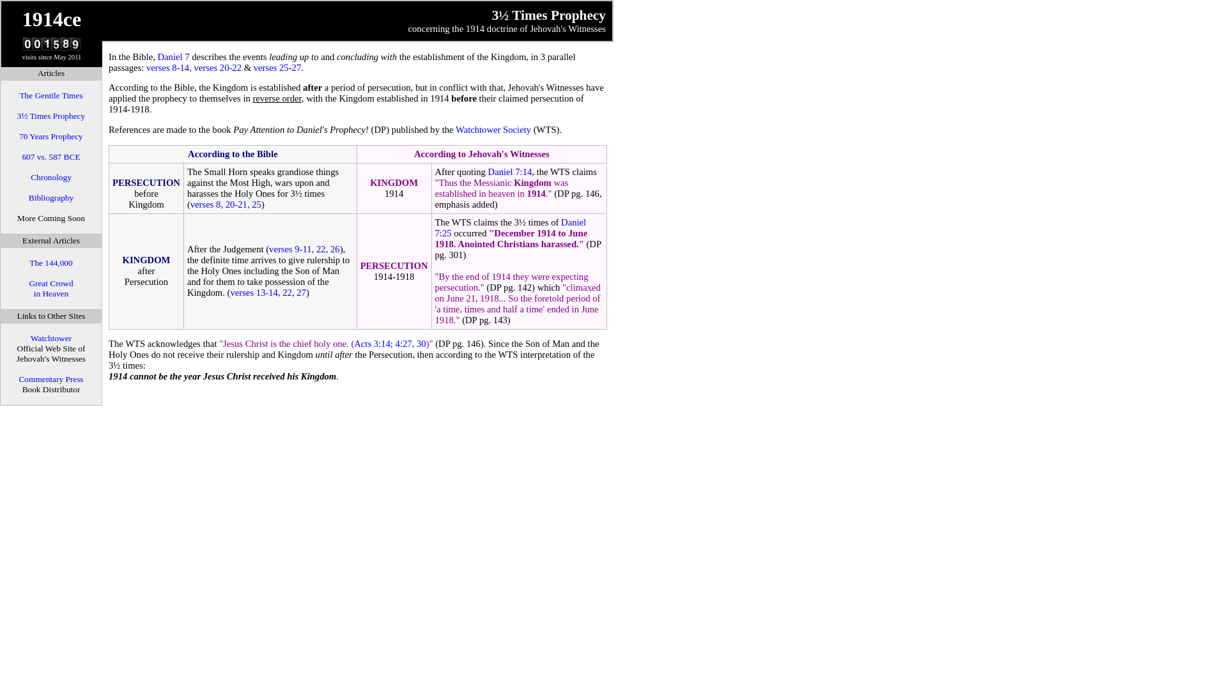 Image resolution: width=1227 pixels, height=690 pixels. Describe the element at coordinates (50, 378) in the screenshot. I see `'Commentary Press'` at that location.